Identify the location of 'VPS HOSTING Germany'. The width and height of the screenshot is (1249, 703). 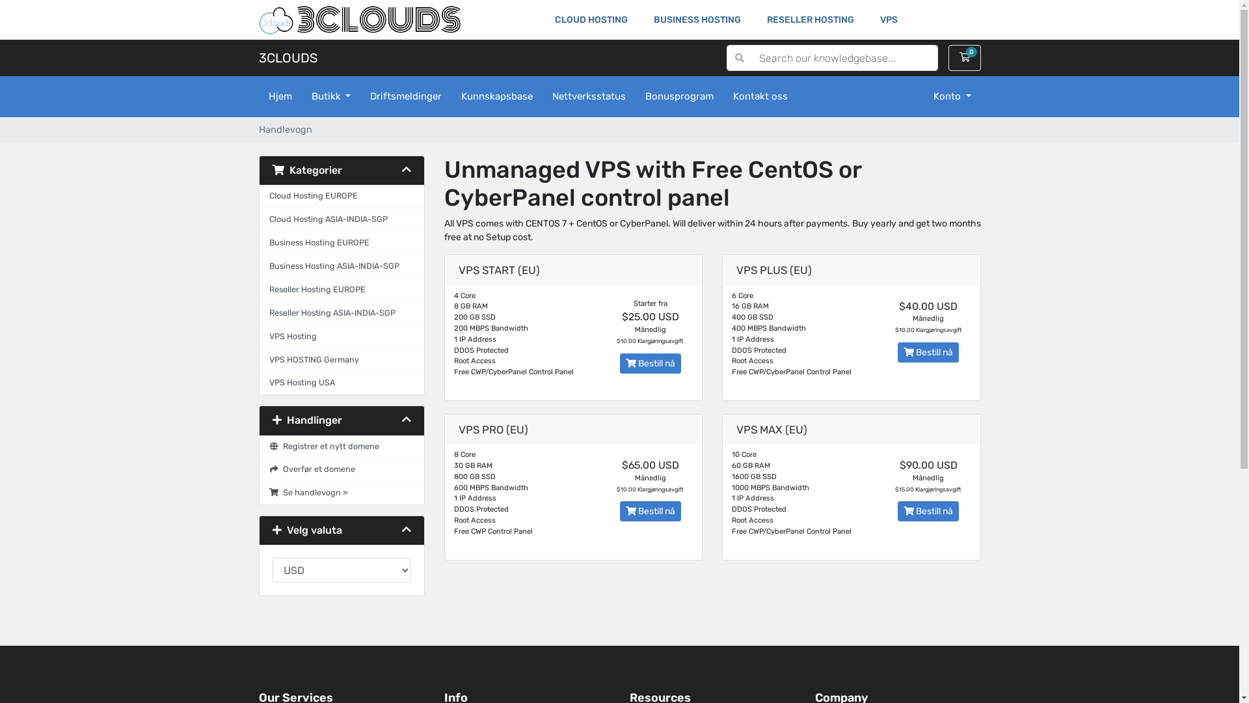
(259, 361).